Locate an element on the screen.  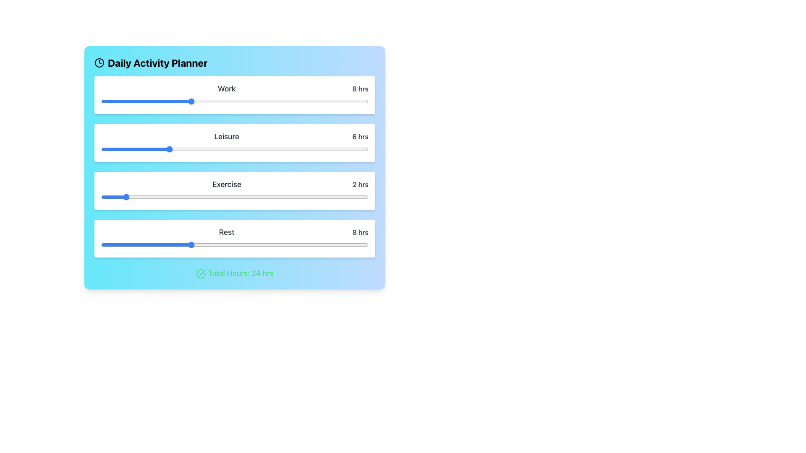
'Work' hours is located at coordinates (290, 101).